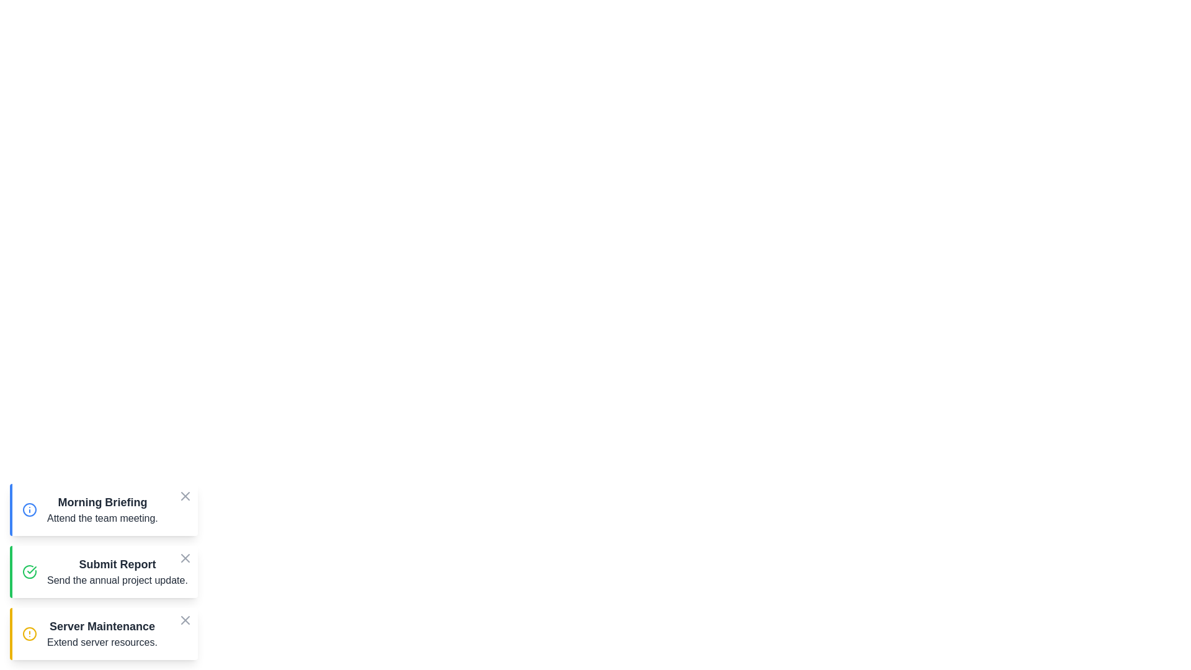 This screenshot has width=1191, height=670. What do you see at coordinates (30, 509) in the screenshot?
I see `the topmost circular graphical element in the 'Morning Briefing' section, which symbolizes a specific concept and is located adjacent to its title` at bounding box center [30, 509].